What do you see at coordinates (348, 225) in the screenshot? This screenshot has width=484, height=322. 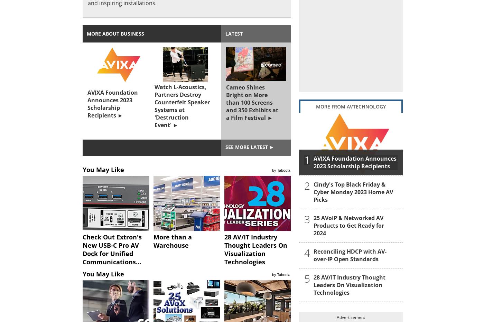 I see `'25 AVoIP & Networked AV Products to Get Ready for 2024'` at bounding box center [348, 225].